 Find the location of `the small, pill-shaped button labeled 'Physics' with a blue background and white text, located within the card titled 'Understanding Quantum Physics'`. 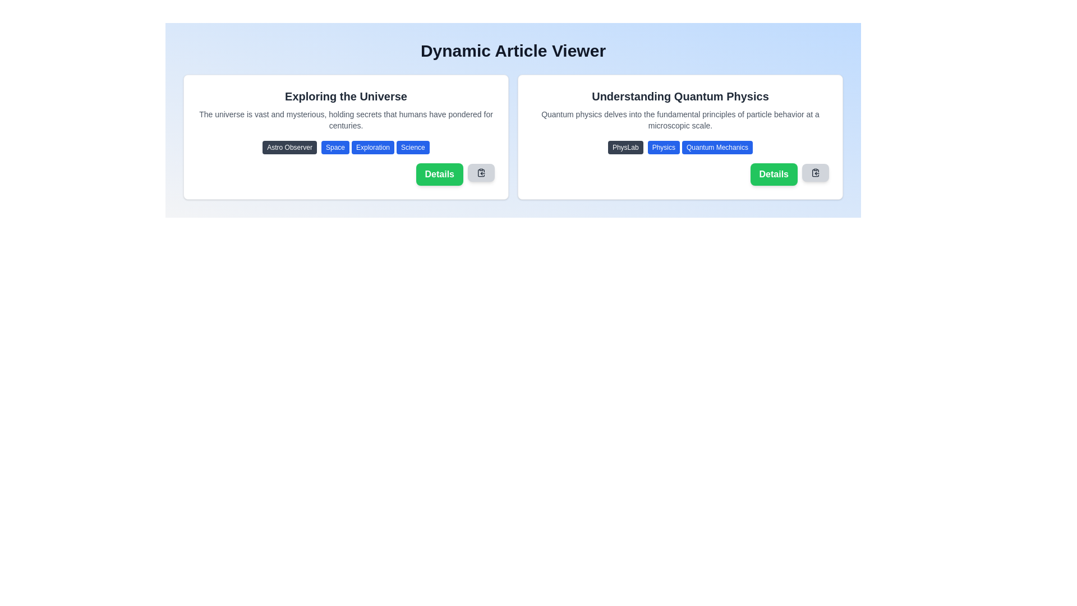

the small, pill-shaped button labeled 'Physics' with a blue background and white text, located within the card titled 'Understanding Quantum Physics' is located at coordinates (664, 146).